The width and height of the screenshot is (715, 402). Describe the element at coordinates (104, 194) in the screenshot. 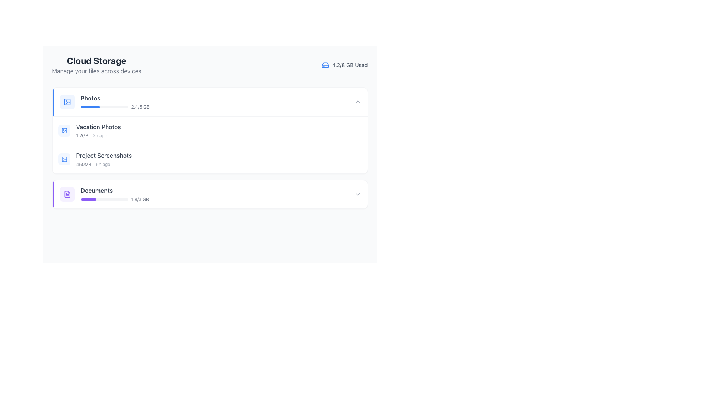

I see `the informational display component showing 'Documents'` at that location.